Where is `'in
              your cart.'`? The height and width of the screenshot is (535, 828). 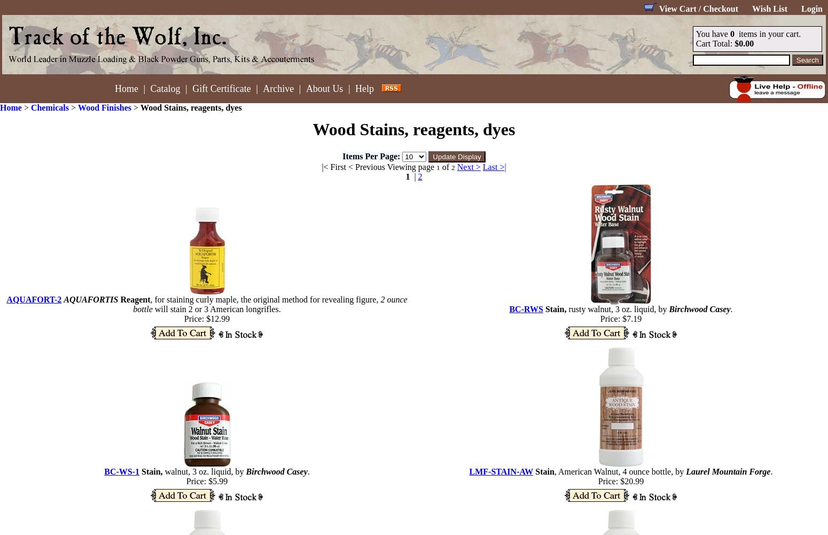
'in
              your cart.' is located at coordinates (778, 34).